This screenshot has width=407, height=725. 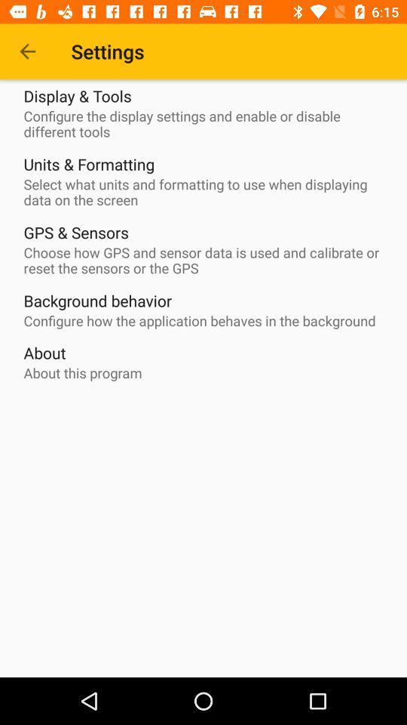 What do you see at coordinates (27, 51) in the screenshot?
I see `item above display & tools item` at bounding box center [27, 51].